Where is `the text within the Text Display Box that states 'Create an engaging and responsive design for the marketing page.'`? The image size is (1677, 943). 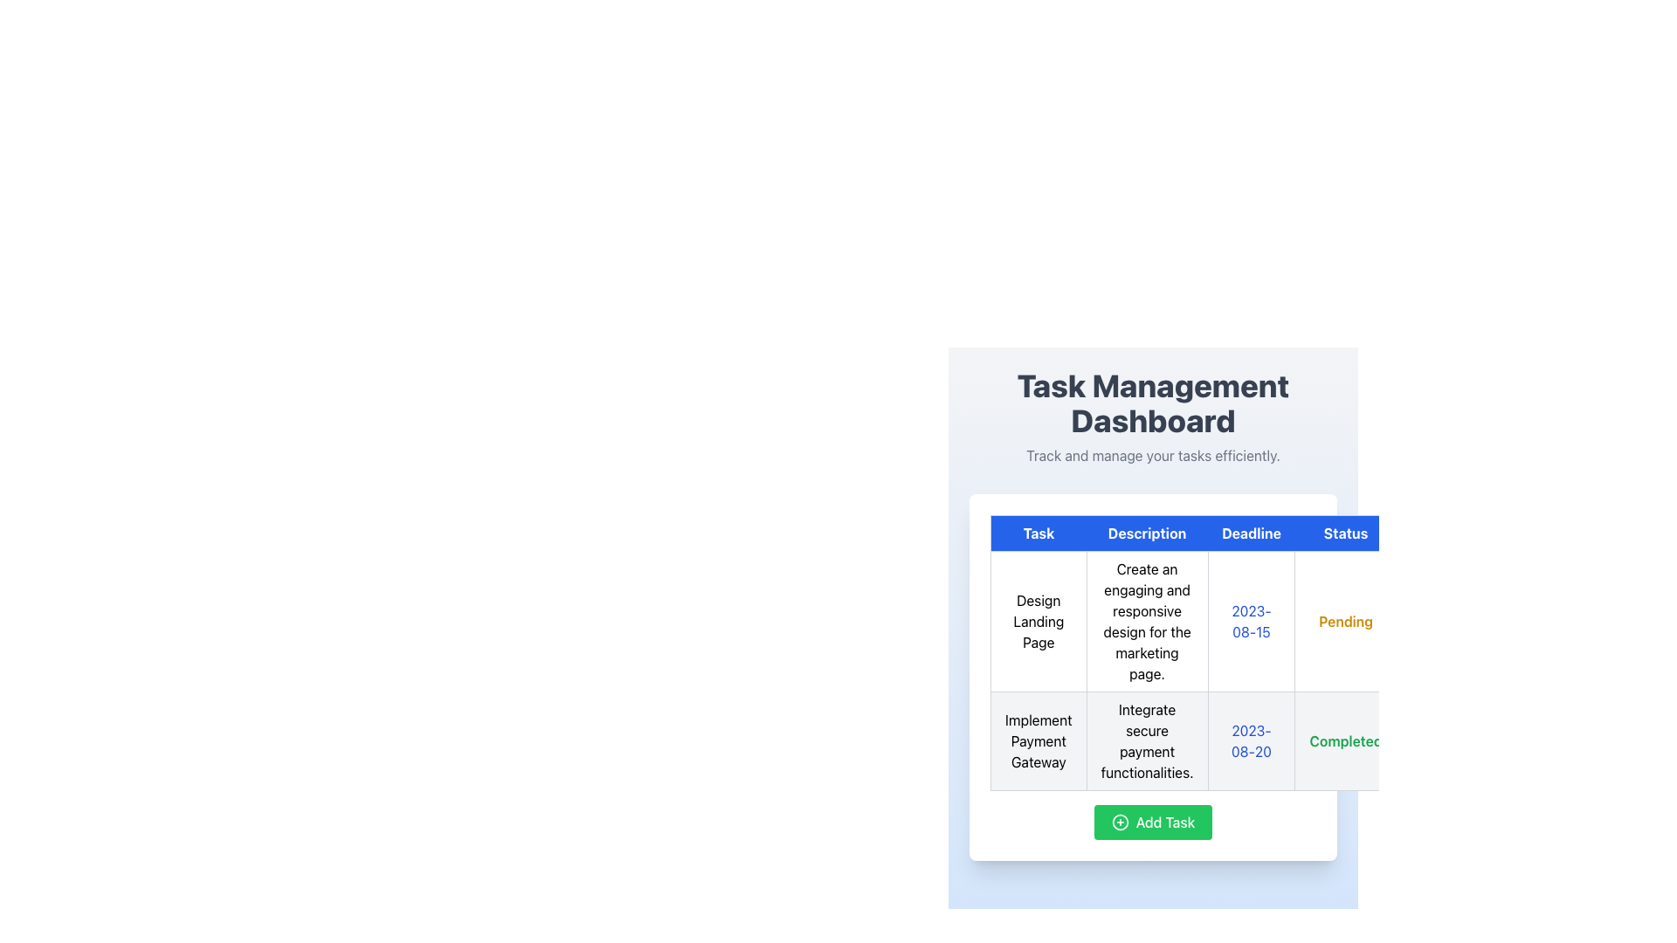 the text within the Text Display Box that states 'Create an engaging and responsive design for the marketing page.' is located at coordinates (1147, 621).